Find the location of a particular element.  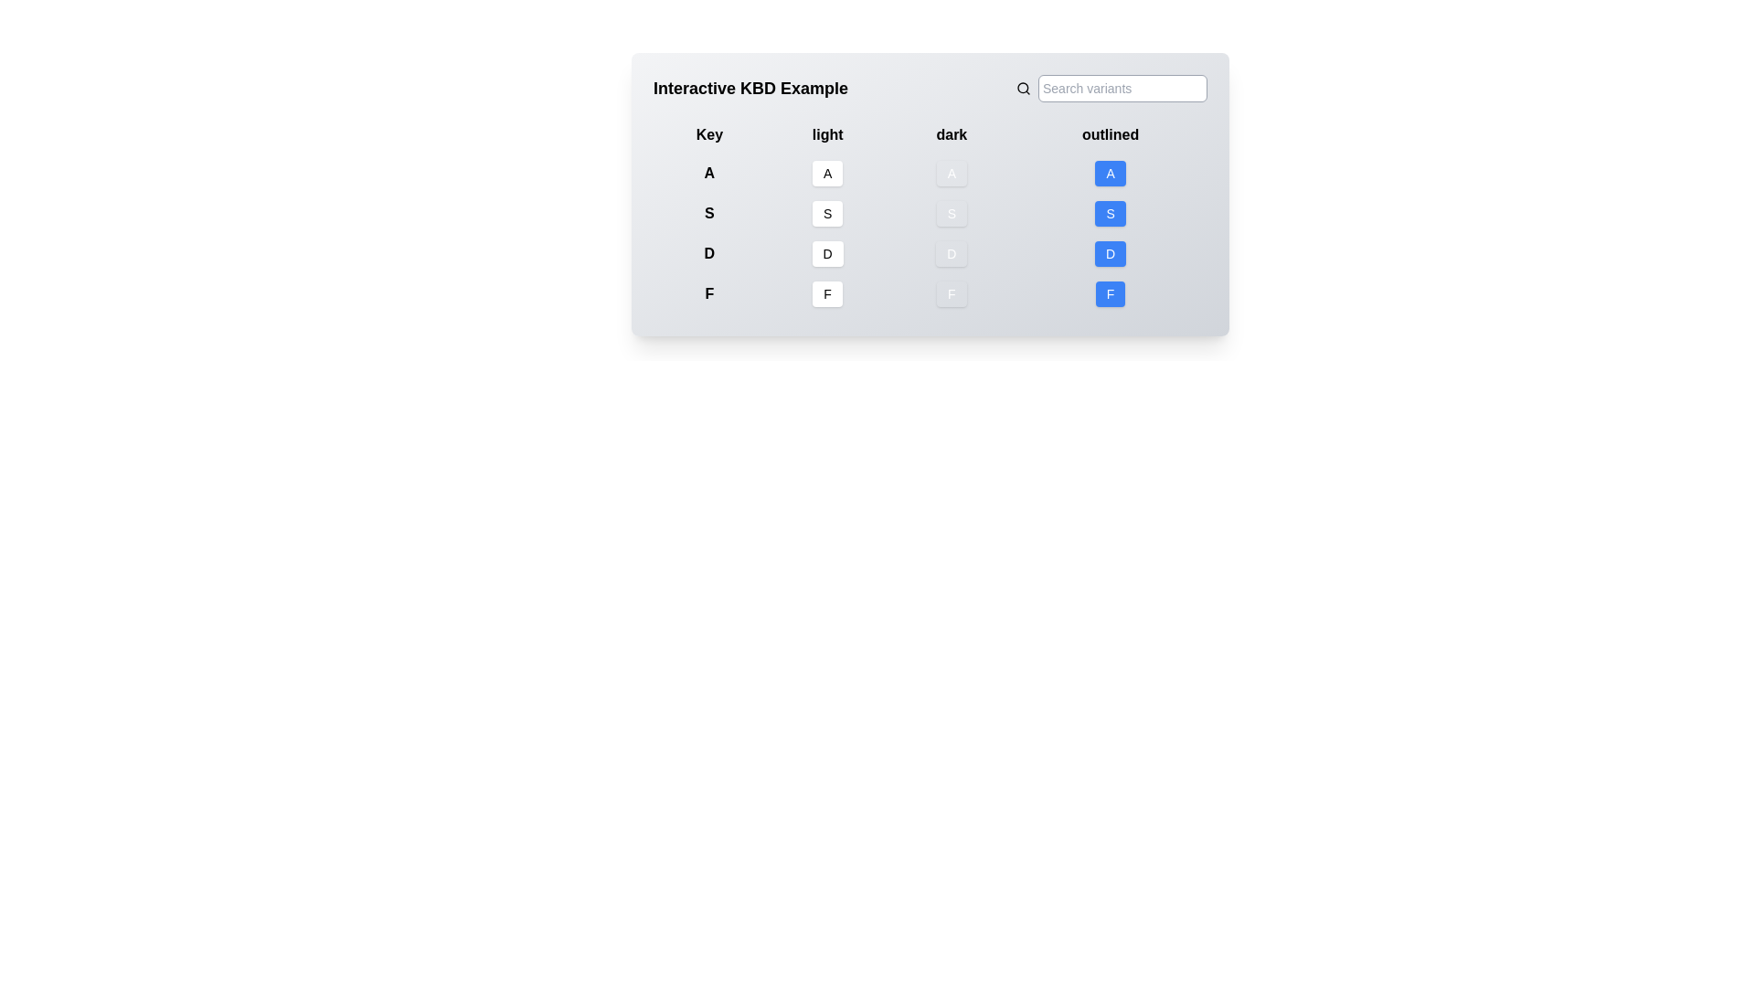

the non-interactive Button-like display element located third from the top in the outlined column, positioned between the 'D' and 'F' items is located at coordinates (1110, 253).